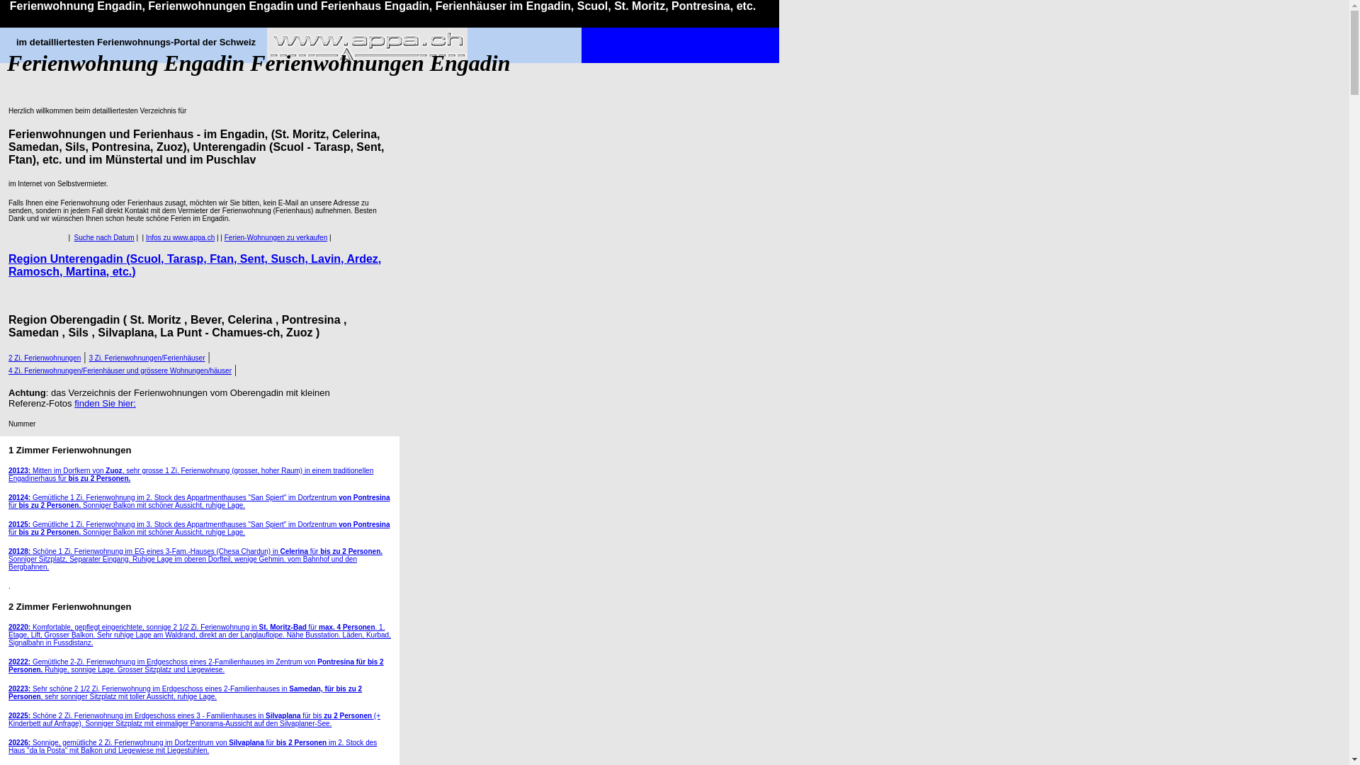 This screenshot has width=1360, height=765. I want to click on 'Infos zu www.appa.ch', so click(179, 237).